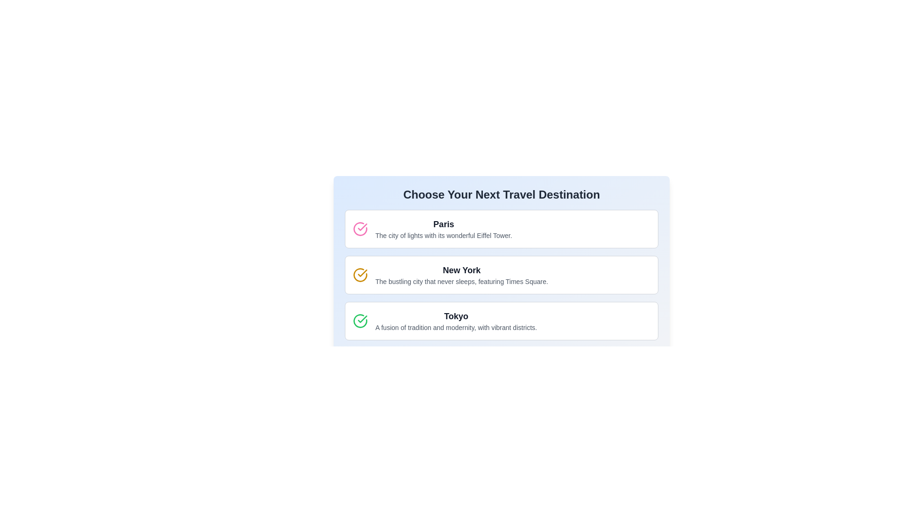  Describe the element at coordinates (501, 229) in the screenshot. I see `the card titled 'Paris' which contains a description about the city and is the first in a list of travel destination cards` at that location.